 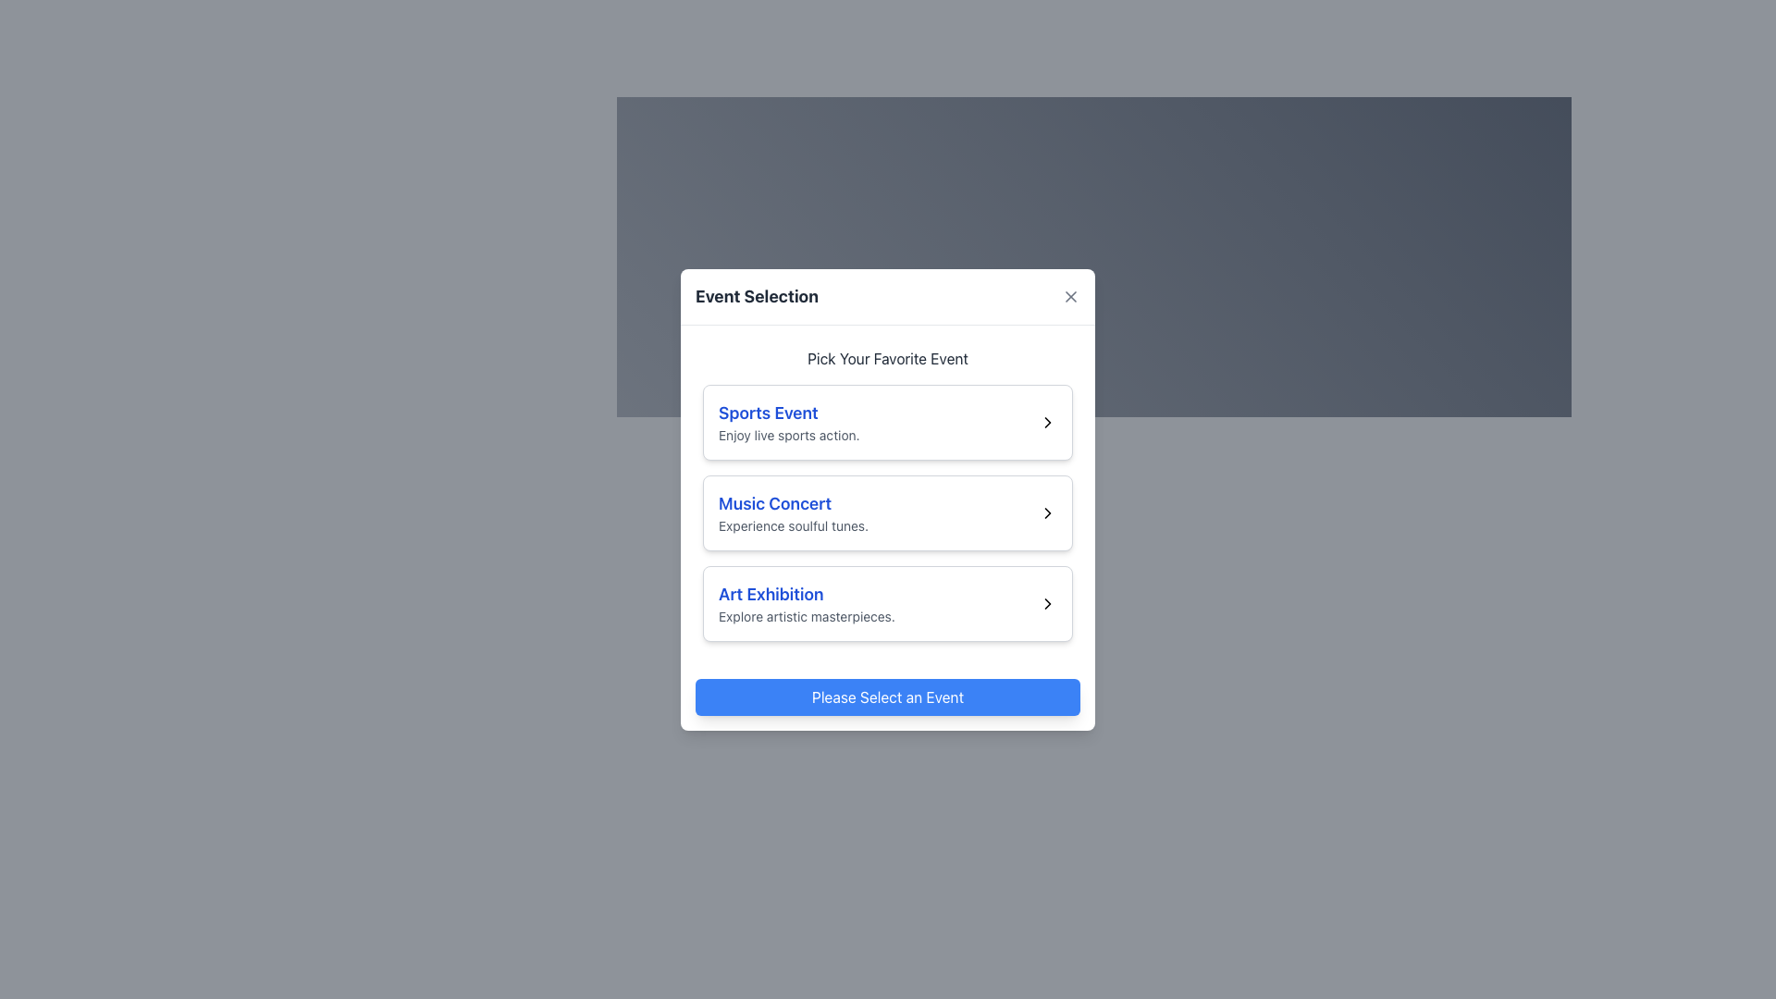 I want to click on the first right-facing chevron icon, which is located next to the 'Sports Event' text in the upper section of the interface, so click(x=1047, y=422).